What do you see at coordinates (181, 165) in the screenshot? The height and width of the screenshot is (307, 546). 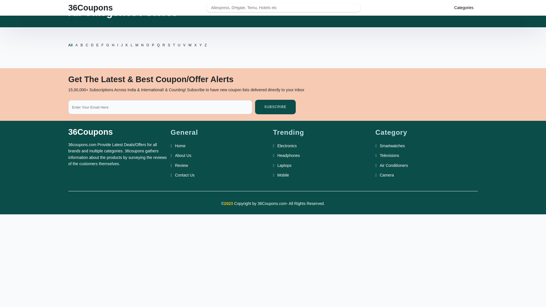 I see `'Review'` at bounding box center [181, 165].